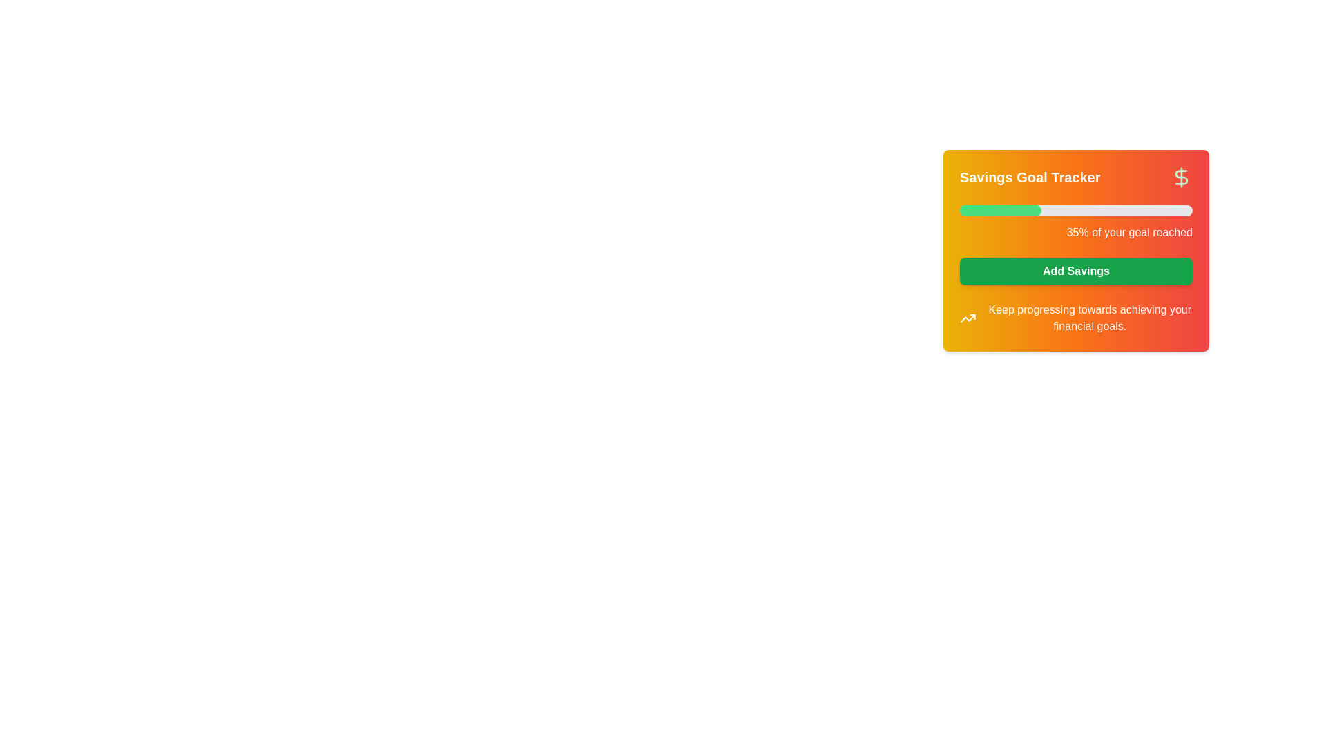 This screenshot has height=746, width=1326. I want to click on the progress bar located under the title 'Savings Goal Tracker' and above the text '35% of your goal reached.', so click(1075, 210).